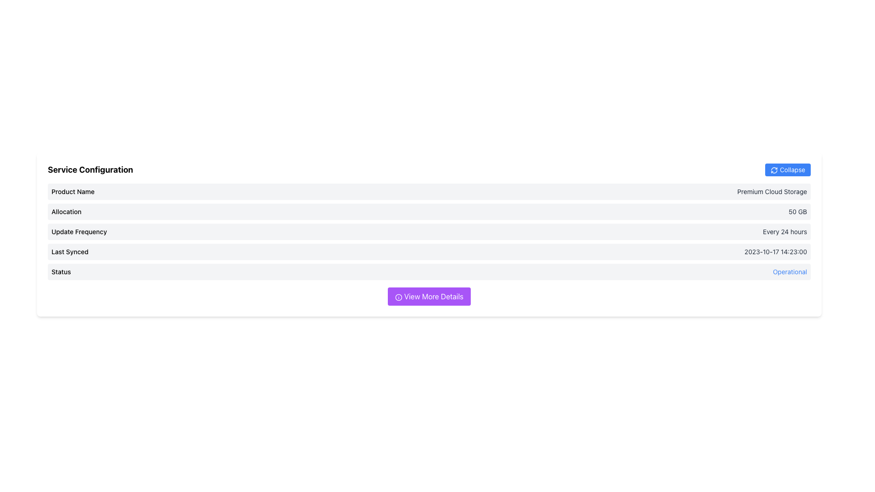  Describe the element at coordinates (797, 212) in the screenshot. I see `the text label displaying '50 GB', which indicates the allocated storage size, located in the central tabular layout` at that location.